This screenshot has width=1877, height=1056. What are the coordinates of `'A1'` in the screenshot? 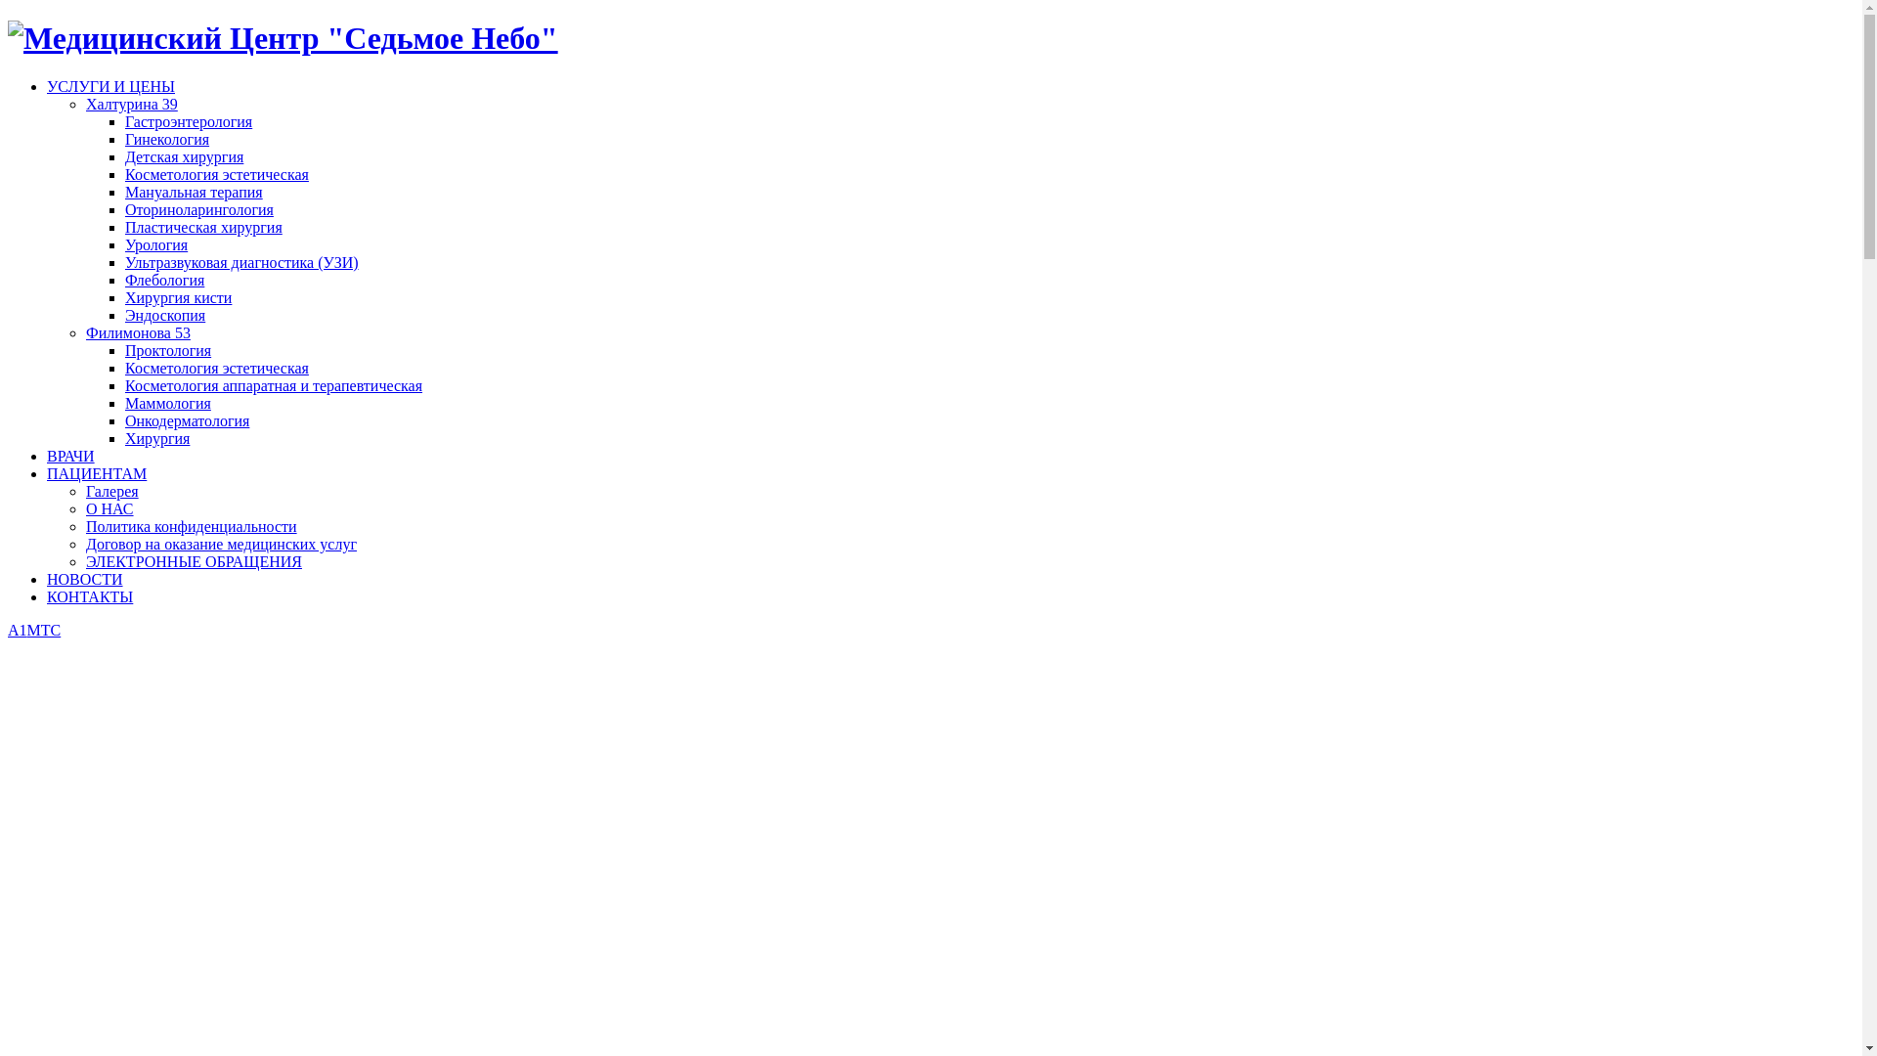 It's located at (18, 630).